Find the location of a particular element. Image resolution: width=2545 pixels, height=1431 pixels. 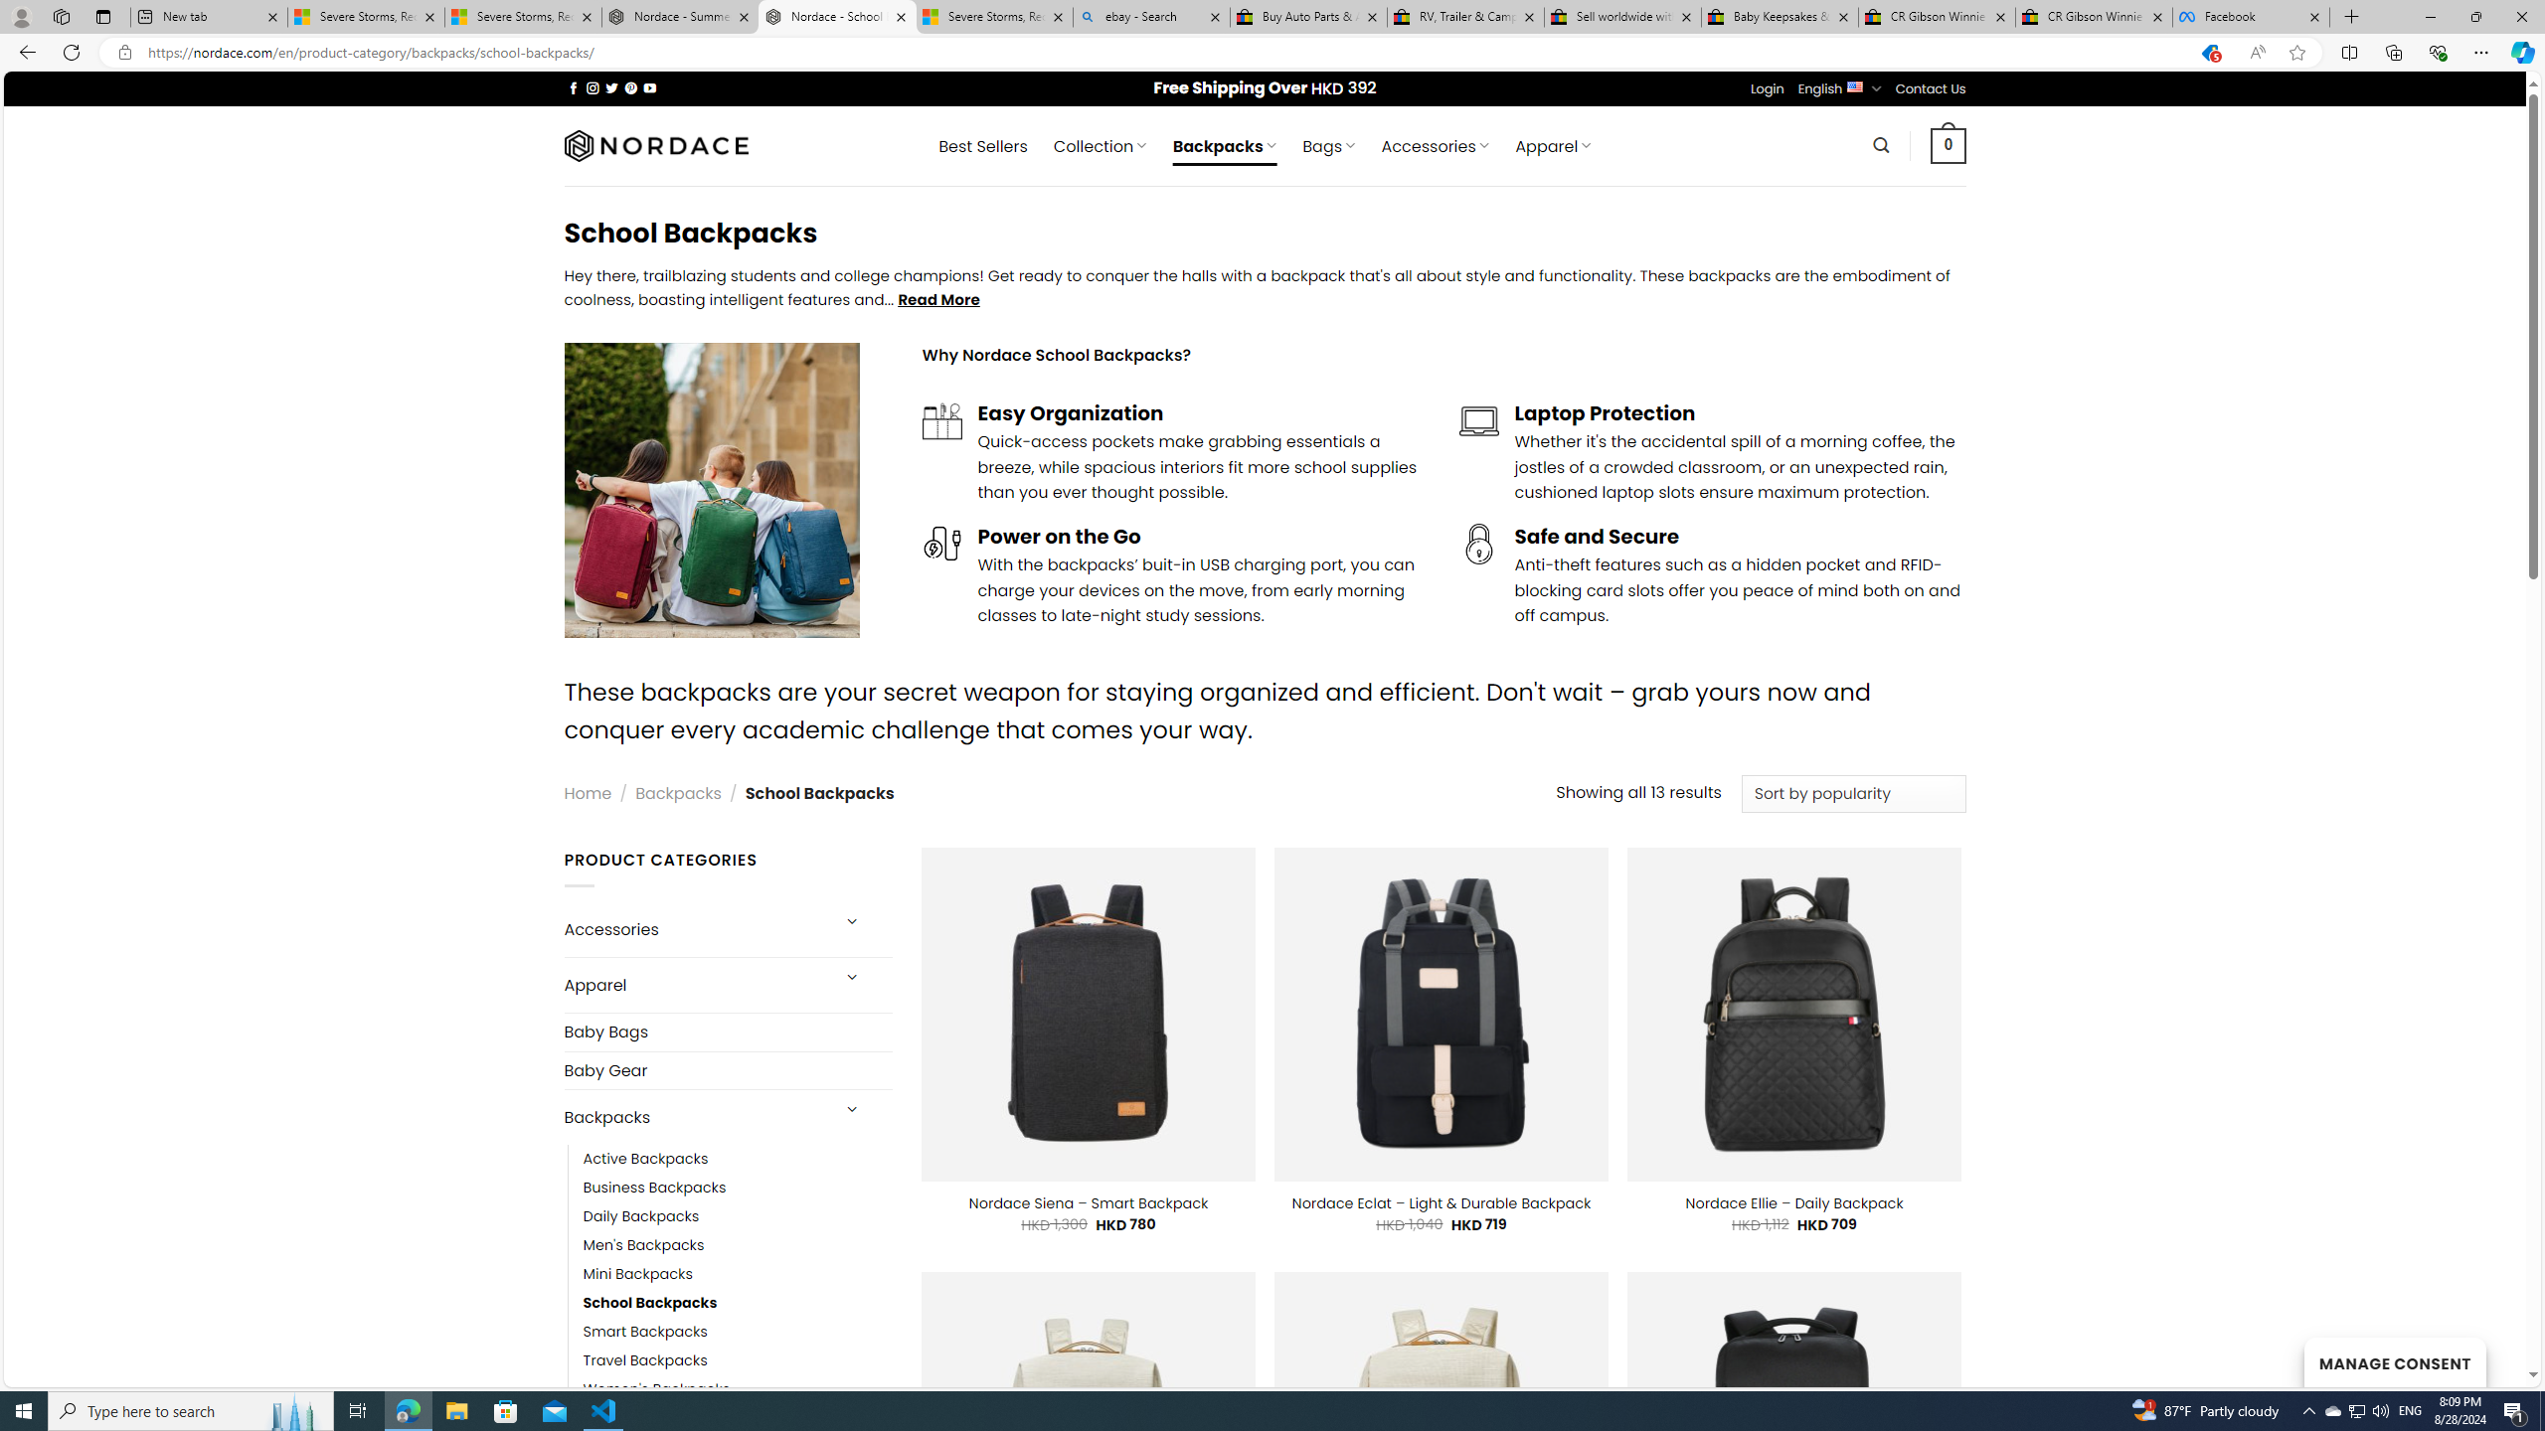

'Men' is located at coordinates (643, 1244).